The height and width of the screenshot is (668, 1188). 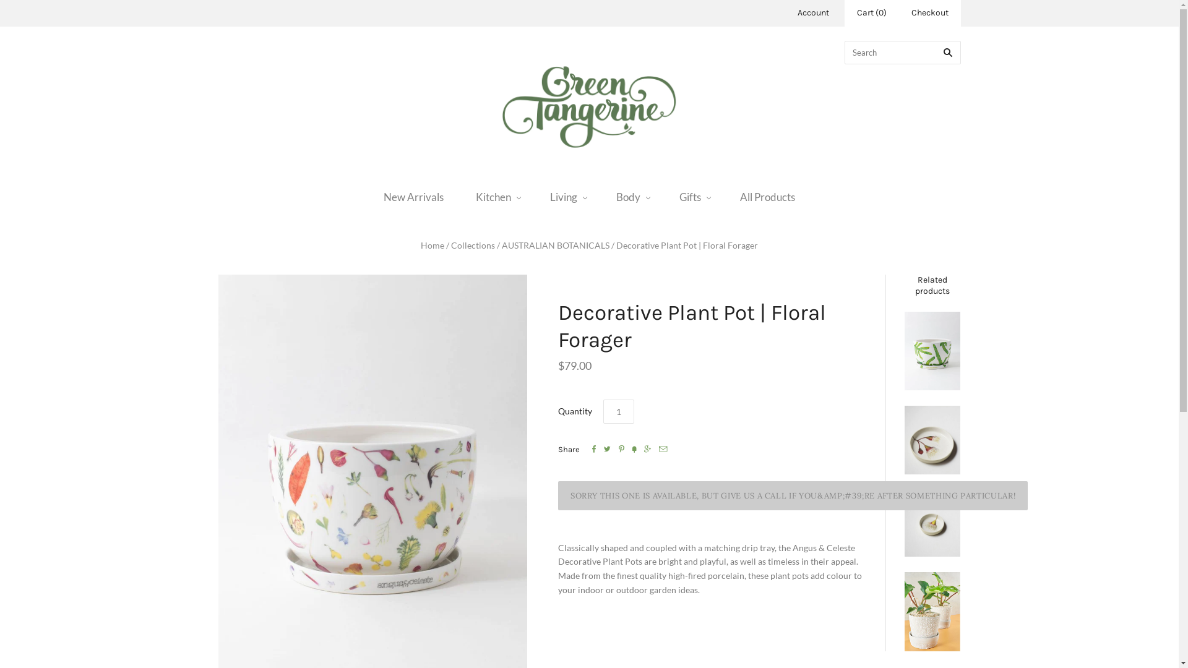 I want to click on 'Kitchen', so click(x=496, y=196).